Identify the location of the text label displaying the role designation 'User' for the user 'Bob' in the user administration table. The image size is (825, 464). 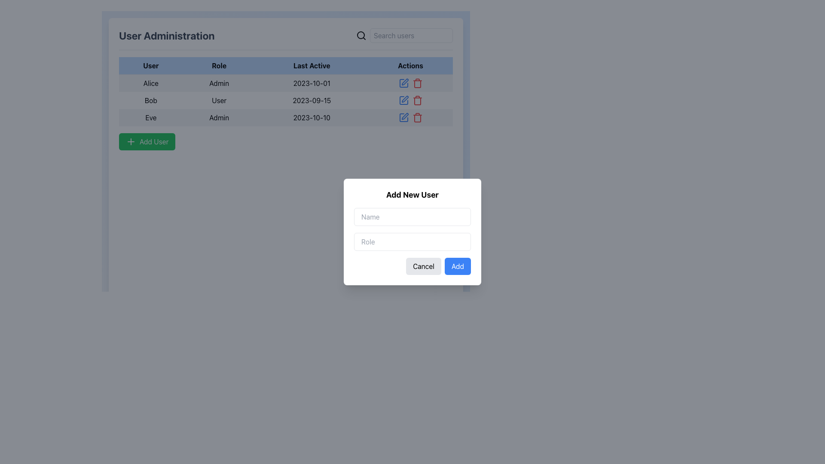
(219, 100).